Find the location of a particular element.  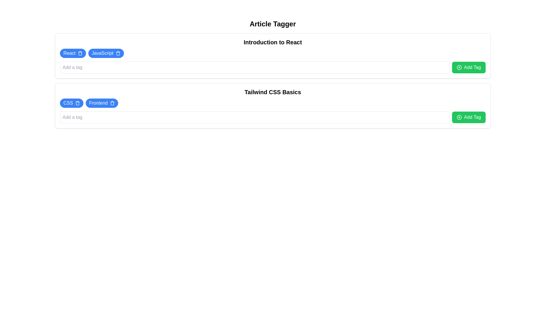

the green 'Add Tag' button with a circular plus icon is located at coordinates (469, 117).